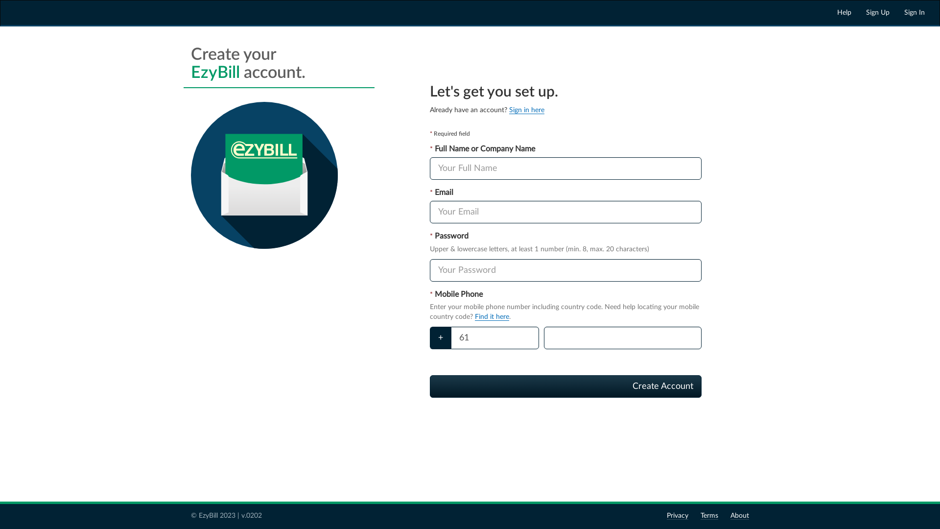 Image resolution: width=940 pixels, height=529 pixels. Describe the element at coordinates (474, 317) in the screenshot. I see `'Find it here'` at that location.